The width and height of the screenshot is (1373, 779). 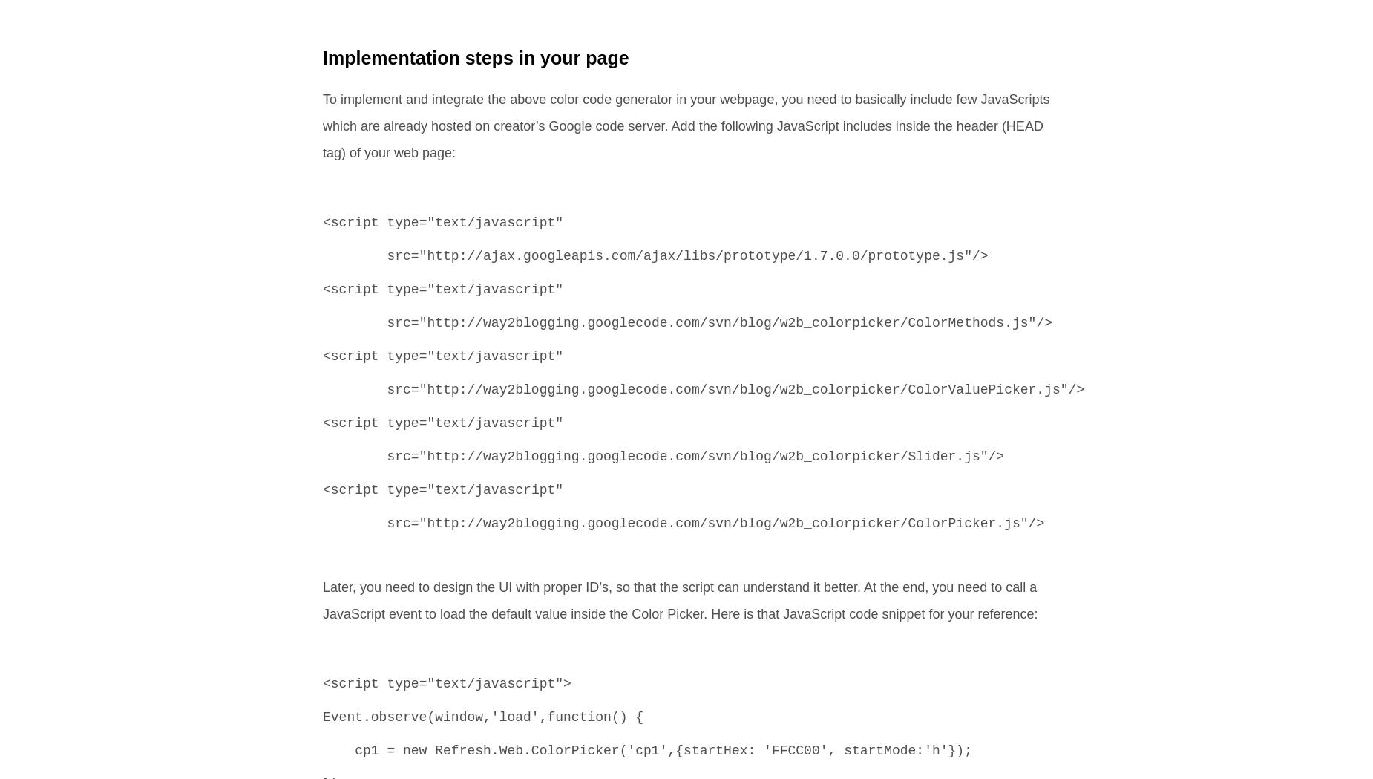 What do you see at coordinates (474, 751) in the screenshot?
I see `'cp1 = new Refresh.Web.ColorPicker('` at bounding box center [474, 751].